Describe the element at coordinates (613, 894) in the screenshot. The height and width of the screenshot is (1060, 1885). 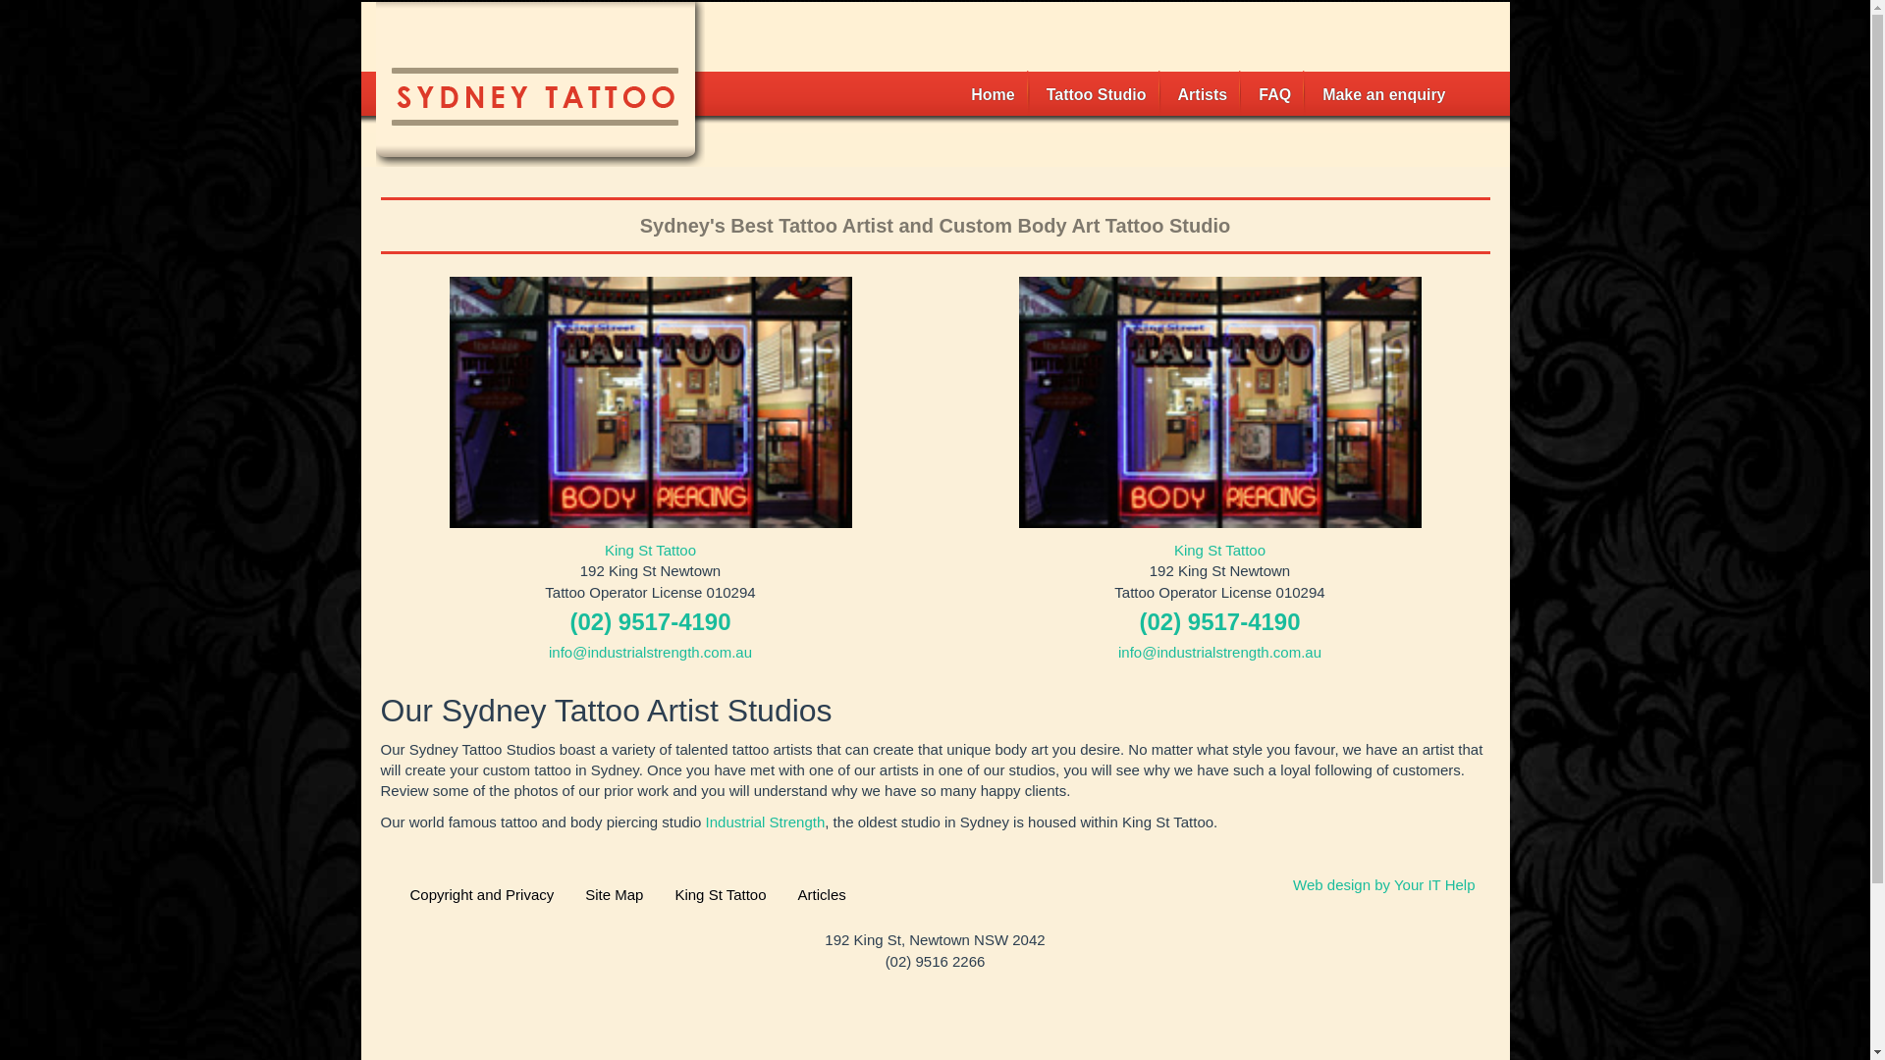
I see `'Site Map'` at that location.